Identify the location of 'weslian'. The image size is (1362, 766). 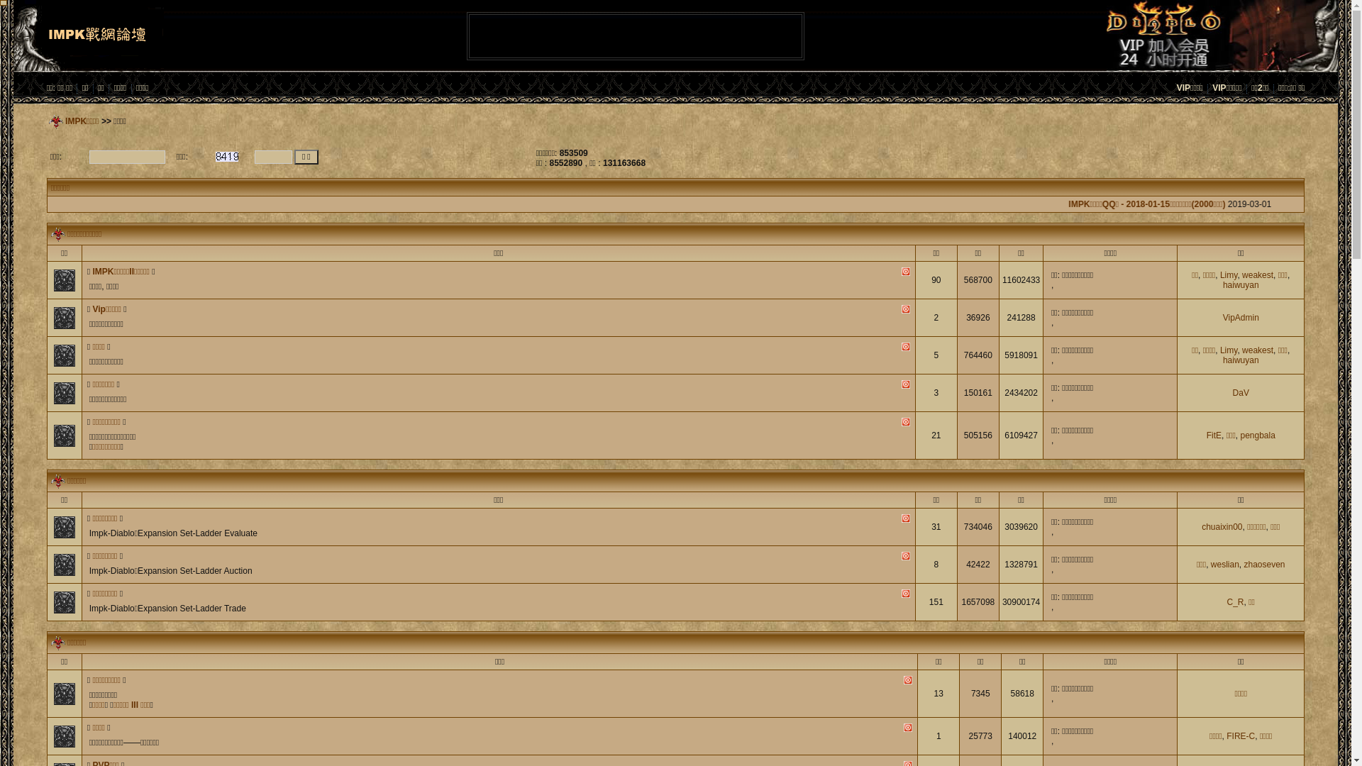
(1224, 563).